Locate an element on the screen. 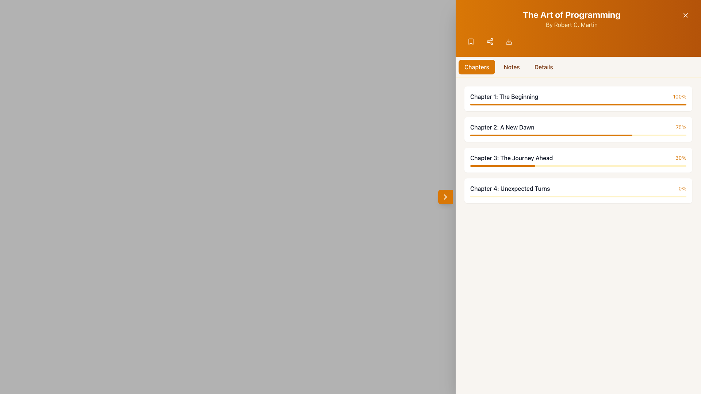  the filled progress bar segment under the label 'Chapter 2: A New Dawn' in the 'Chapters' list to visually indicate progress status is located at coordinates (551, 135).